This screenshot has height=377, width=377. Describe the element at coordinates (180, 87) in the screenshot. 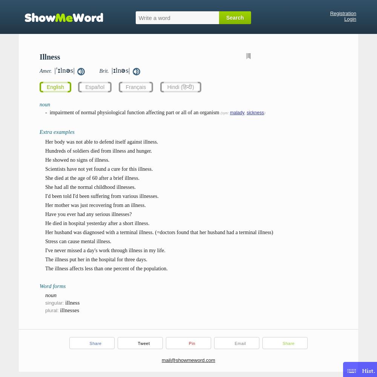

I see `'Hindi (हिन्दी)'` at that location.